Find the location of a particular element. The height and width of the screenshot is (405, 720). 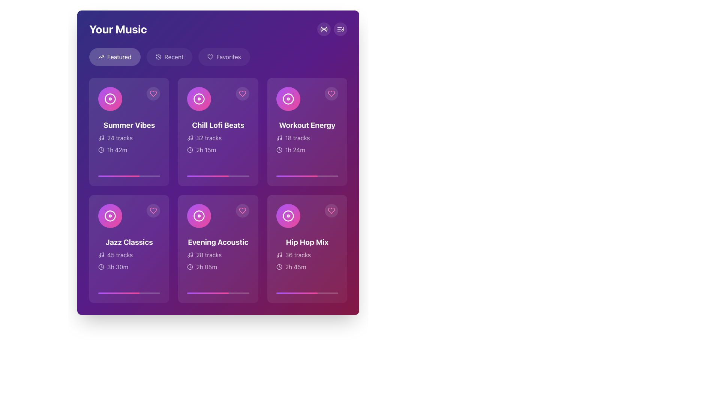

text label displaying '18 tracks' located within the purple card titled 'Workout Energy', positioned in the top right section of the grid, directly below the title is located at coordinates (297, 138).